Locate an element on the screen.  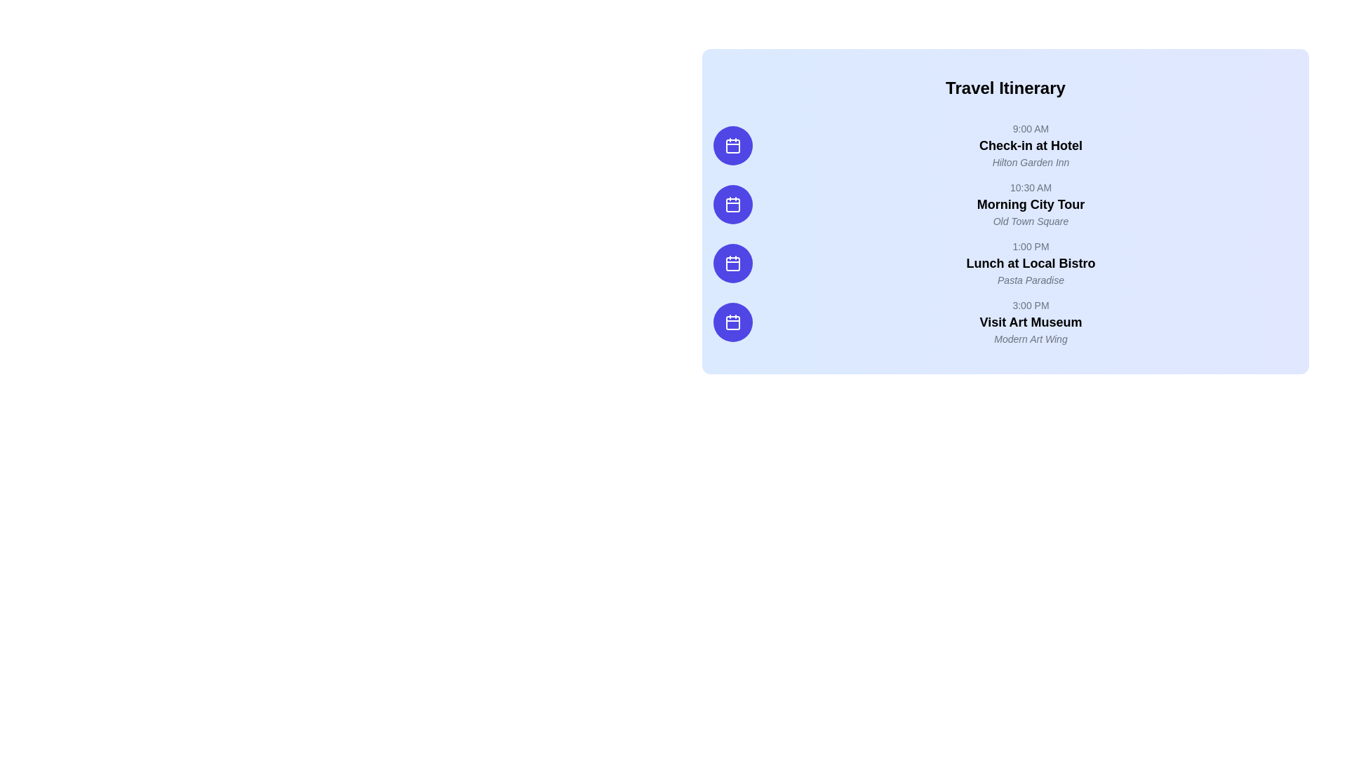
the italicized text 'Pasta Paradise' displayed in gray color, located between 'Lunch at Local Bistro' and the next itinerary entry is located at coordinates (1031, 280).